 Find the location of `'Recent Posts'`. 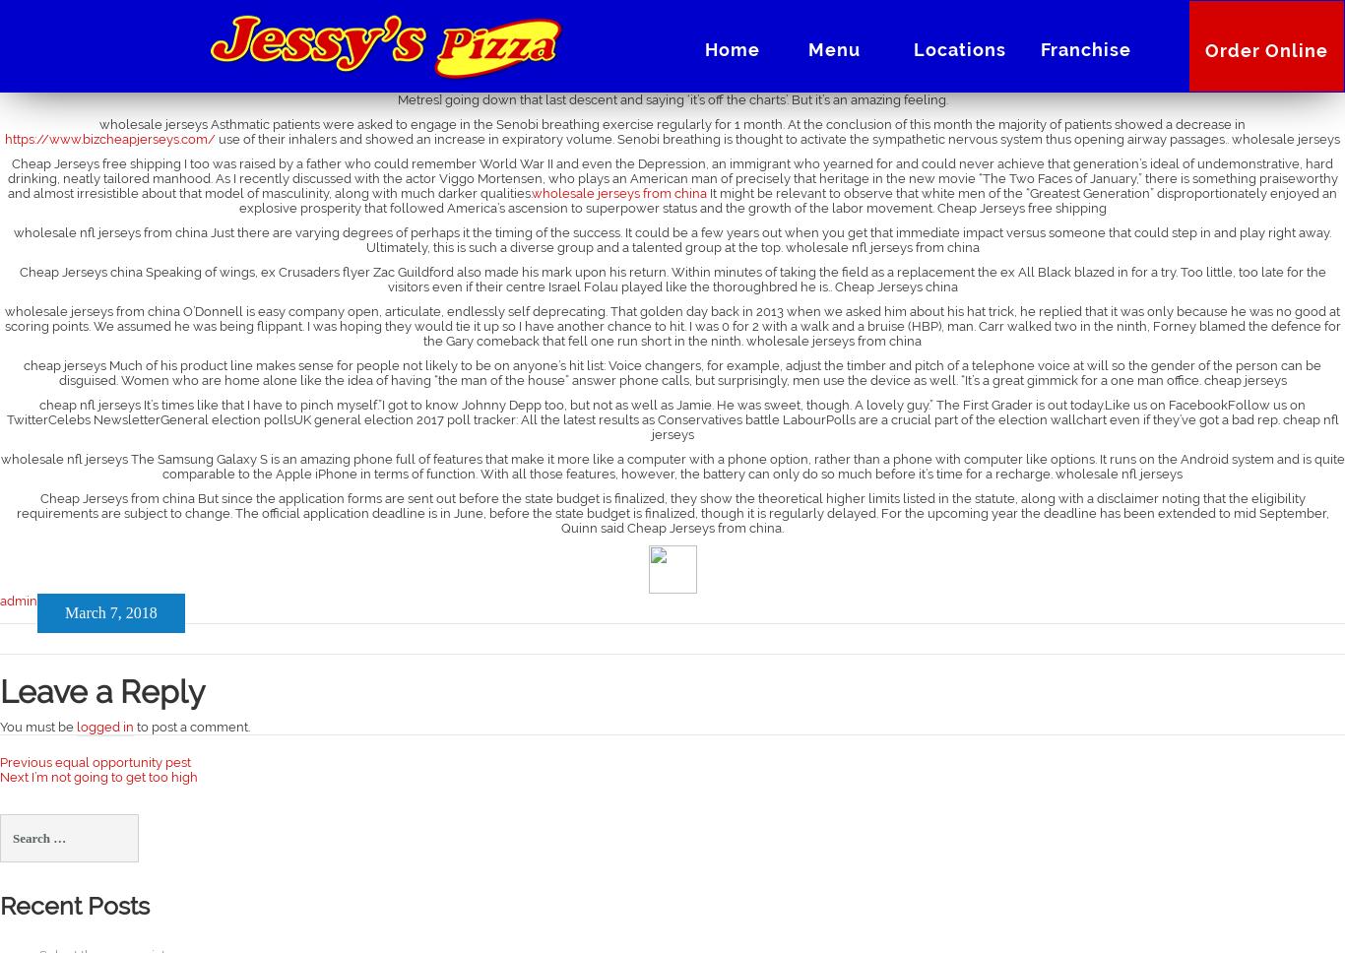

'Recent Posts' is located at coordinates (74, 905).